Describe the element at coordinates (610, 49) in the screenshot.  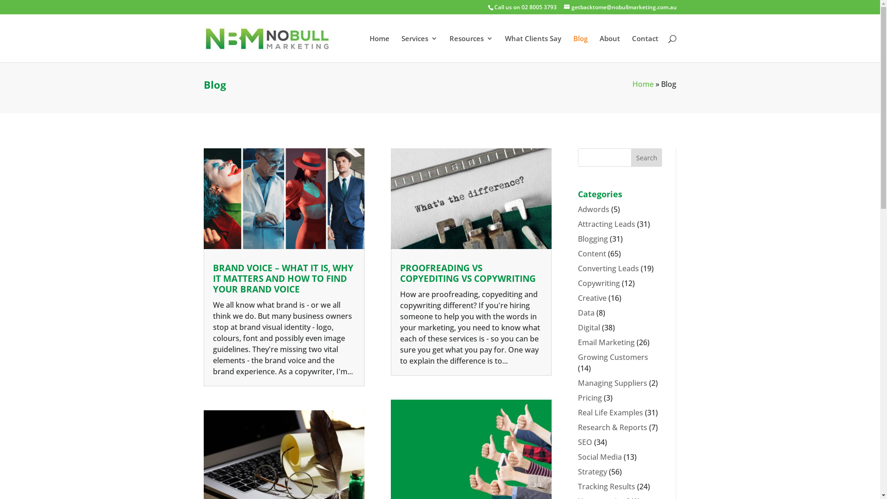
I see `'About'` at that location.